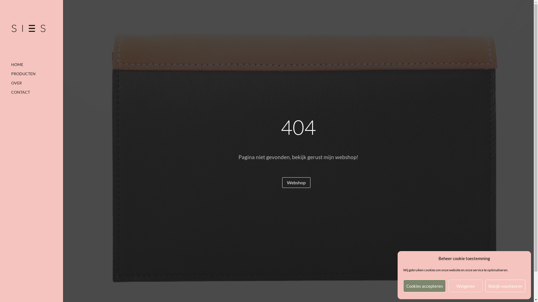  I want to click on 'Cookies accepteren', so click(425, 286).